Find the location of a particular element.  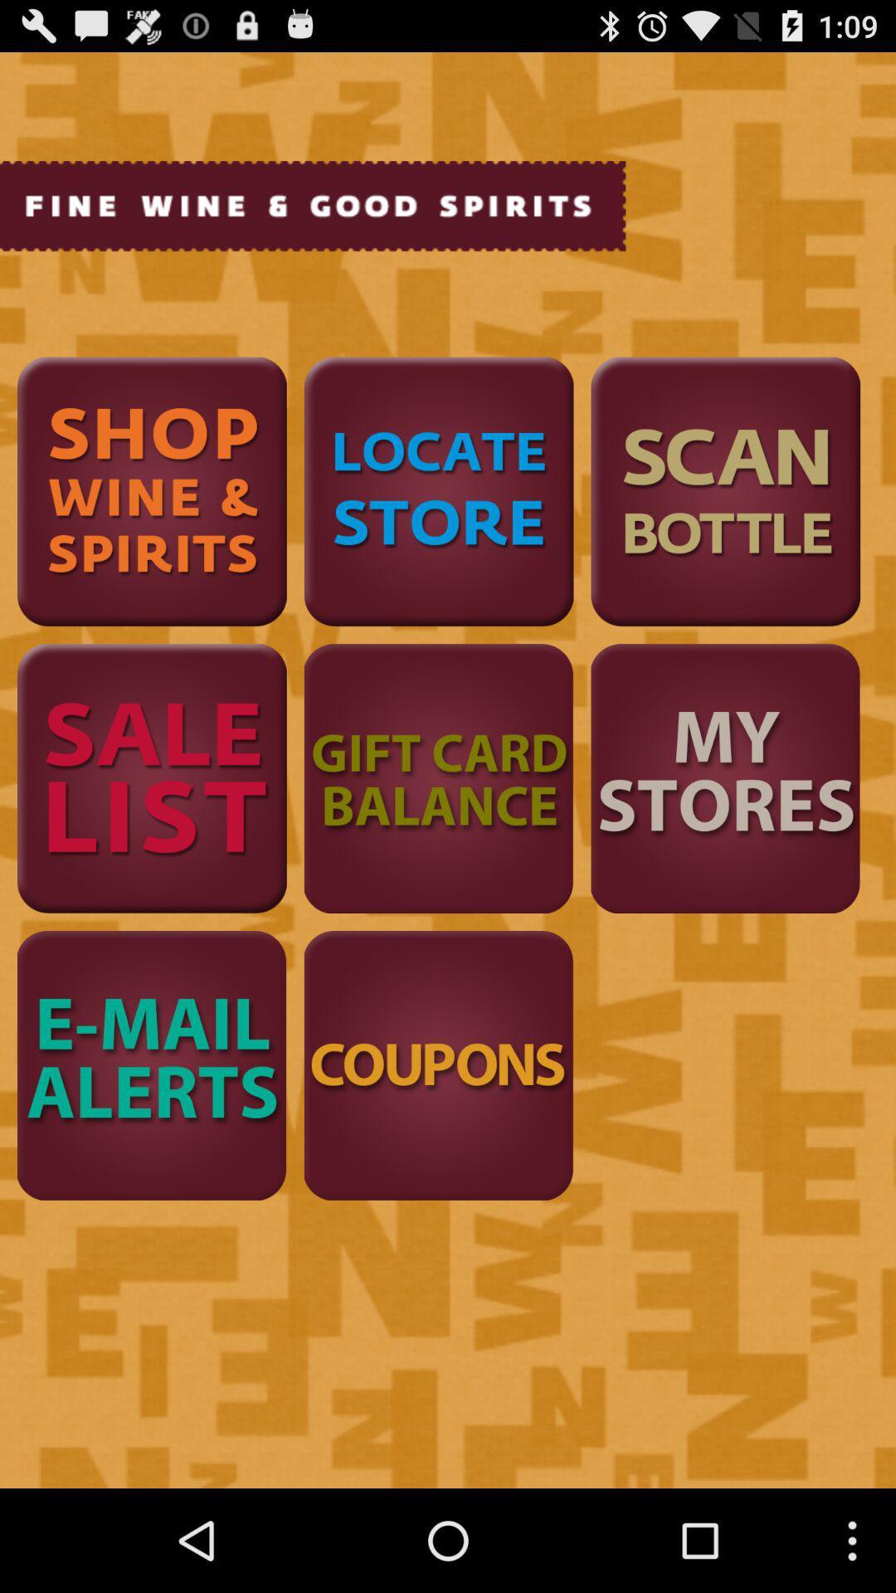

locate store option is located at coordinates (438, 490).